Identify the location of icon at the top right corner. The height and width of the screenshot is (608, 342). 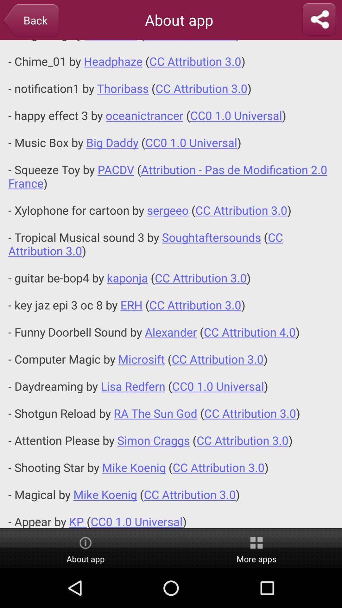
(319, 20).